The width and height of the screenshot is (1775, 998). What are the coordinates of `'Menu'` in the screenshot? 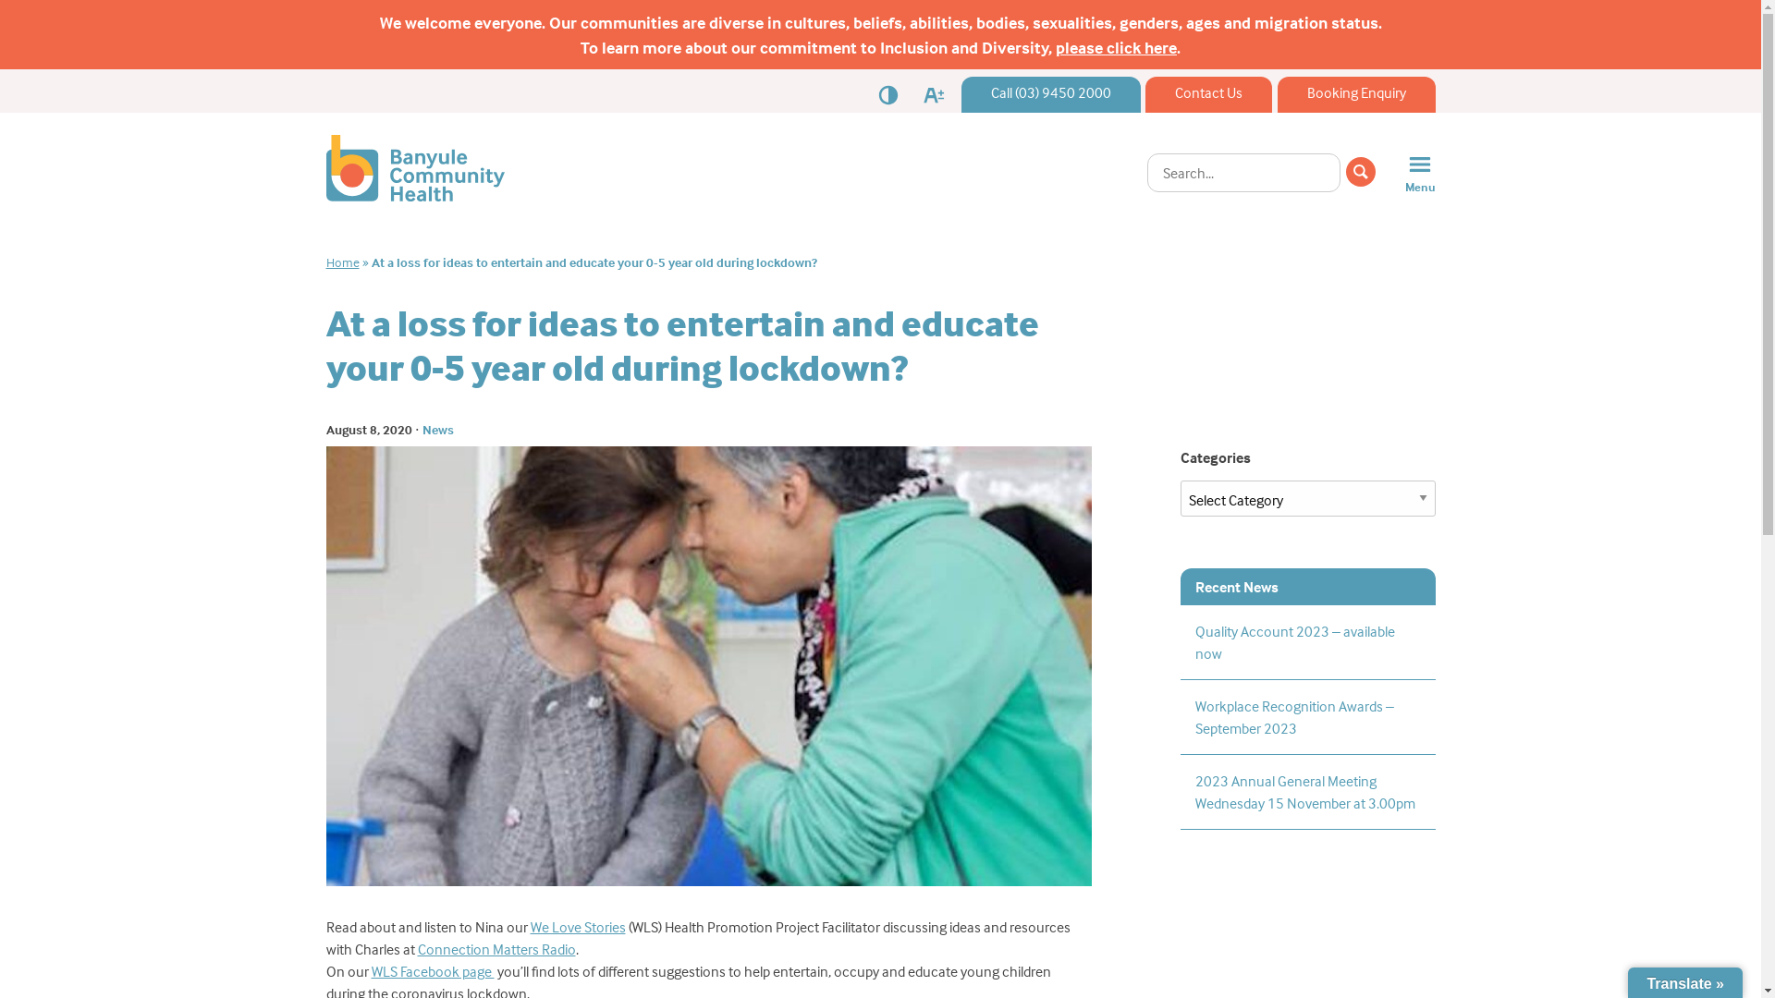 It's located at (1412, 171).